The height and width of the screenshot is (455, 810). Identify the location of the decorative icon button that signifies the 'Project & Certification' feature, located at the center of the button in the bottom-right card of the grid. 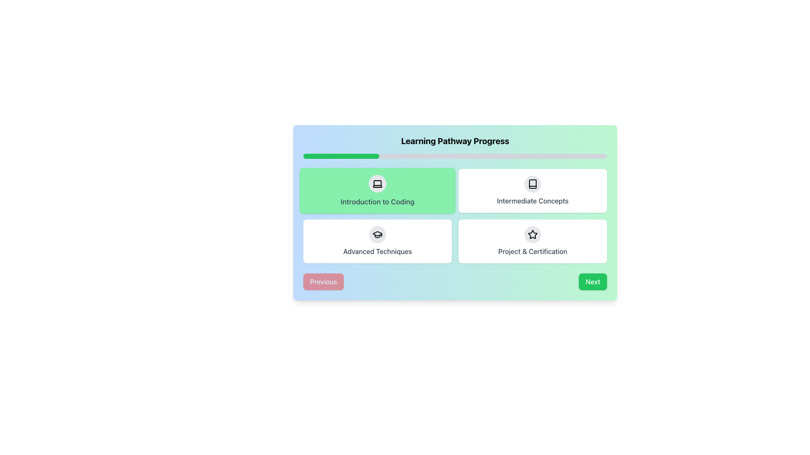
(532, 234).